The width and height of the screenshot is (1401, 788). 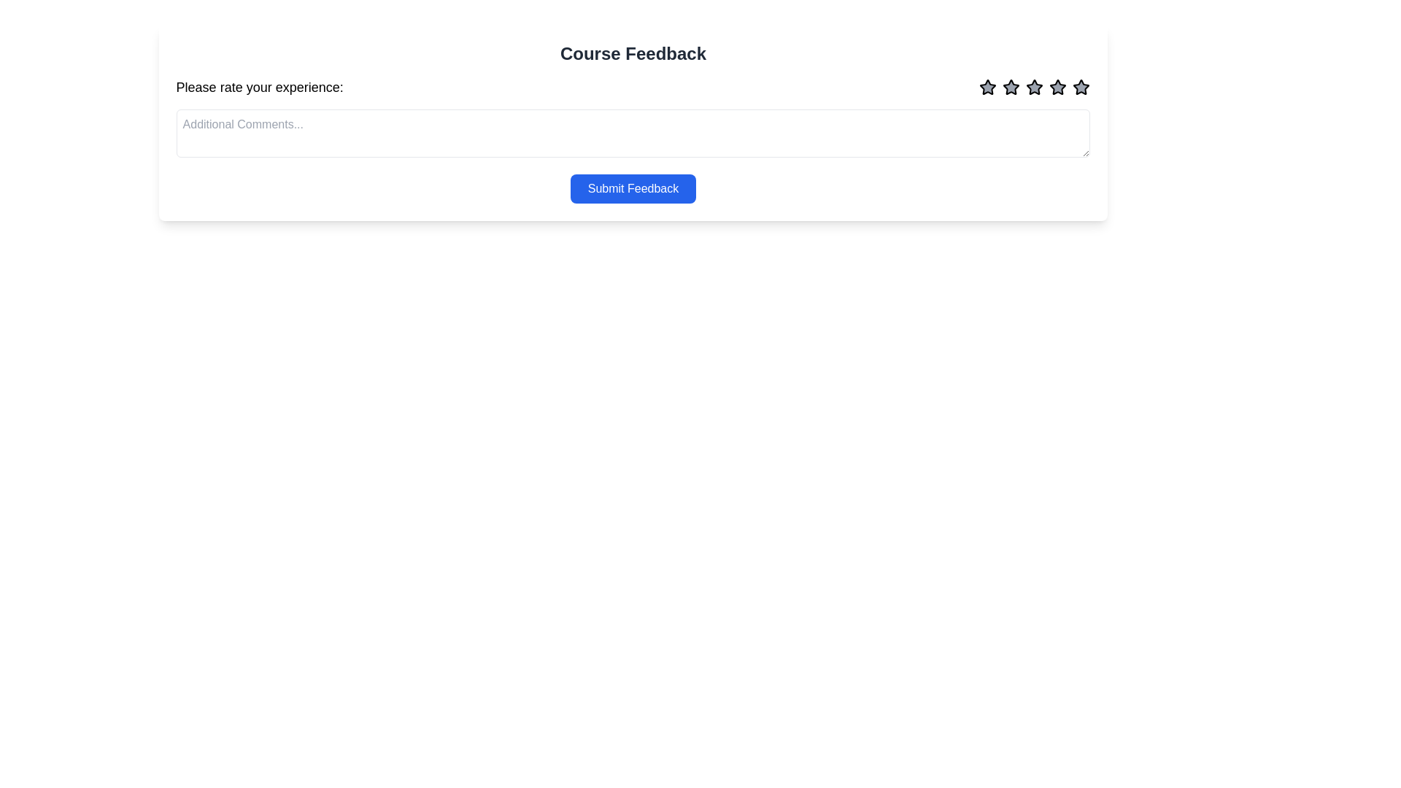 What do you see at coordinates (1081, 87) in the screenshot?
I see `the fifth star in the five-star rating system located in the top-right corner of the interface` at bounding box center [1081, 87].